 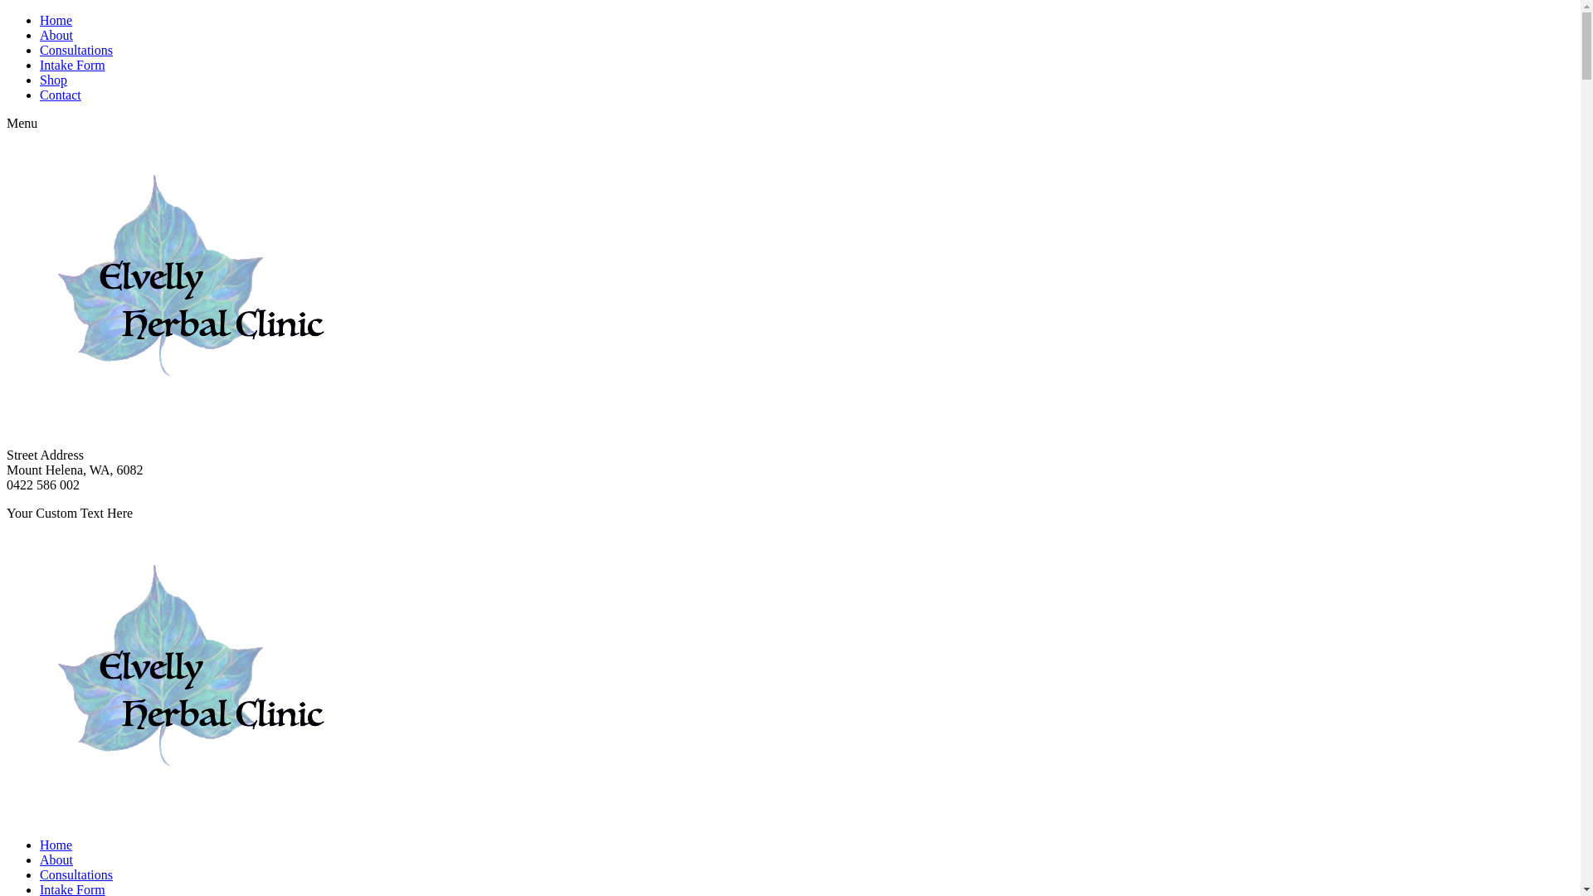 What do you see at coordinates (56, 859) in the screenshot?
I see `'About'` at bounding box center [56, 859].